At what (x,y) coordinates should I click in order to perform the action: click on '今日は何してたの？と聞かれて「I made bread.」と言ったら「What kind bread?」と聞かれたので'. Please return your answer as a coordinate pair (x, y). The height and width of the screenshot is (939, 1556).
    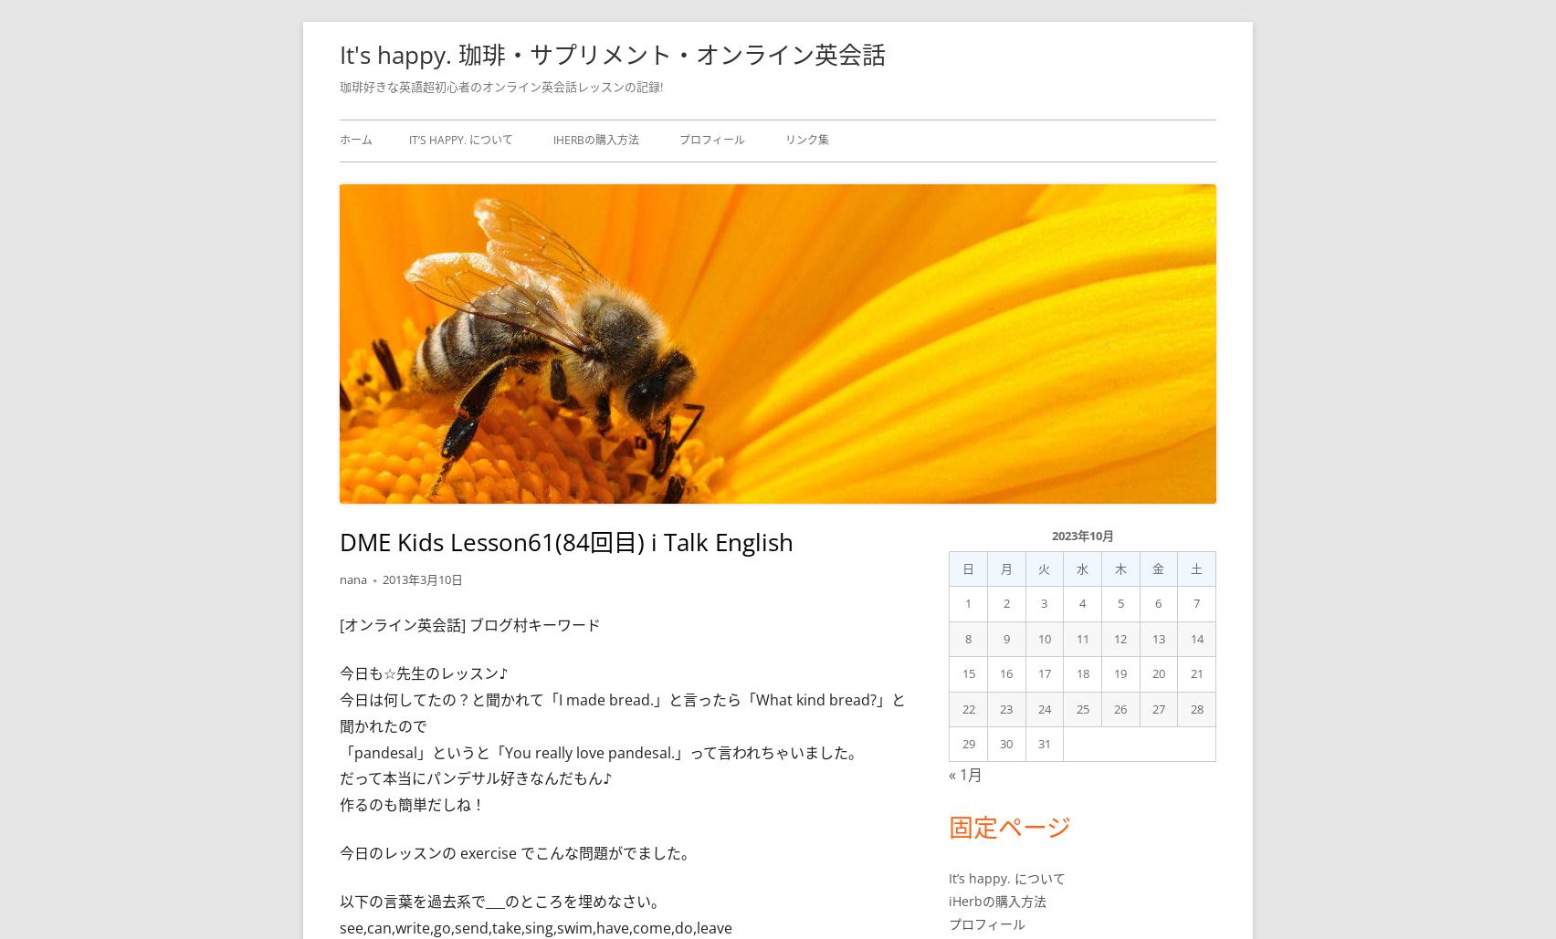
    Looking at the image, I should click on (621, 713).